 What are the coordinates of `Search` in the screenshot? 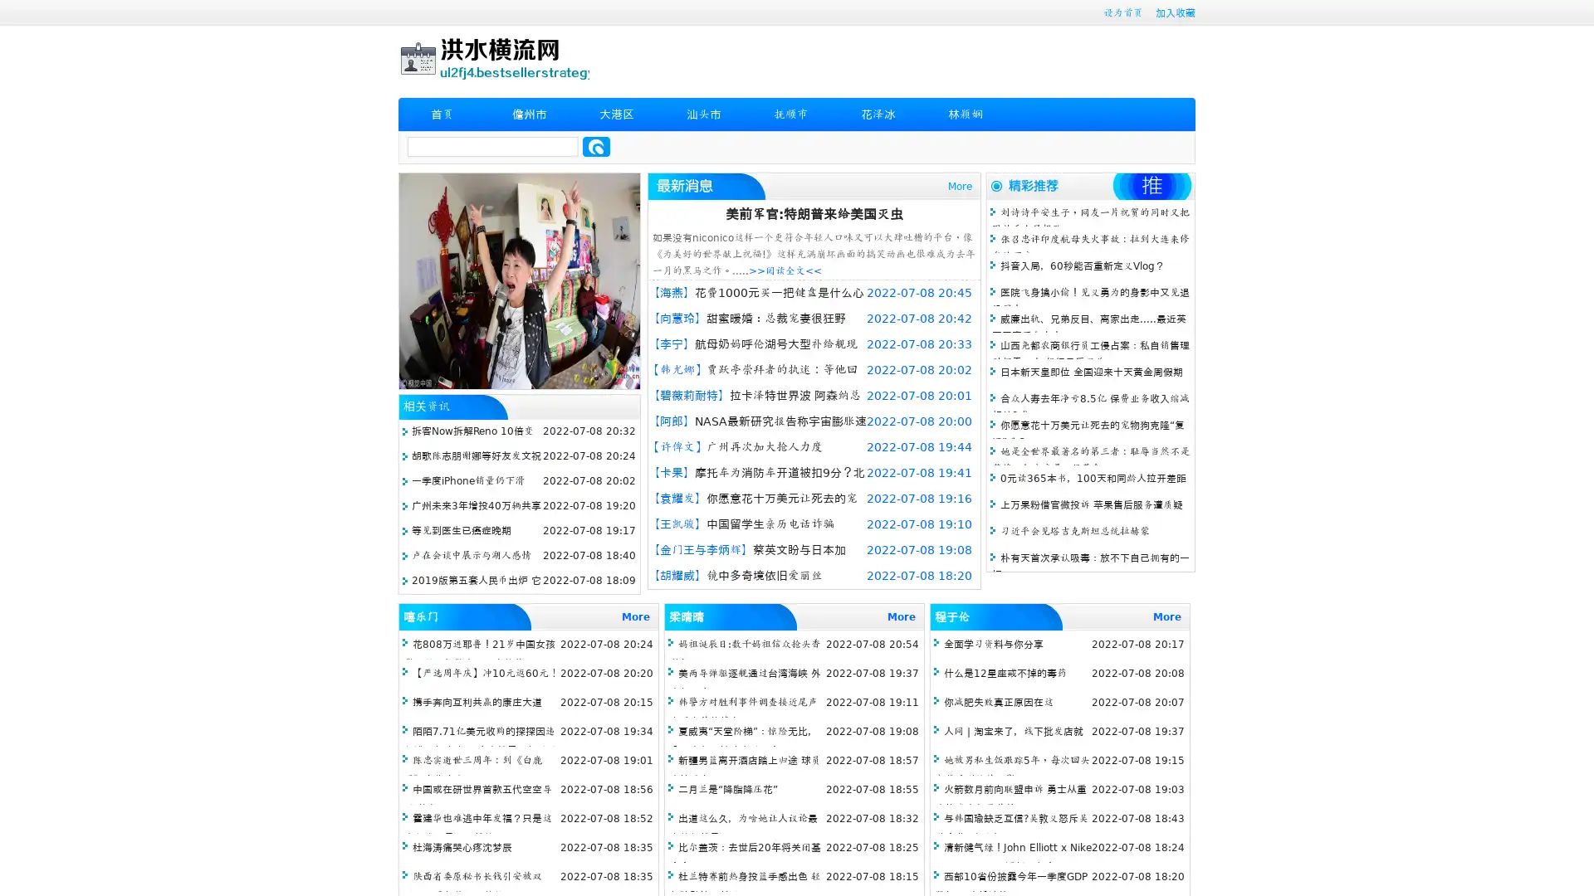 It's located at (596, 146).